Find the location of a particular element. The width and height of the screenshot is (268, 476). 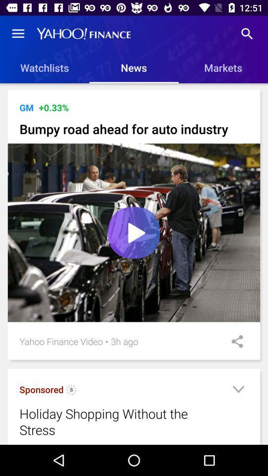

the yahoo finance video is located at coordinates (61, 341).